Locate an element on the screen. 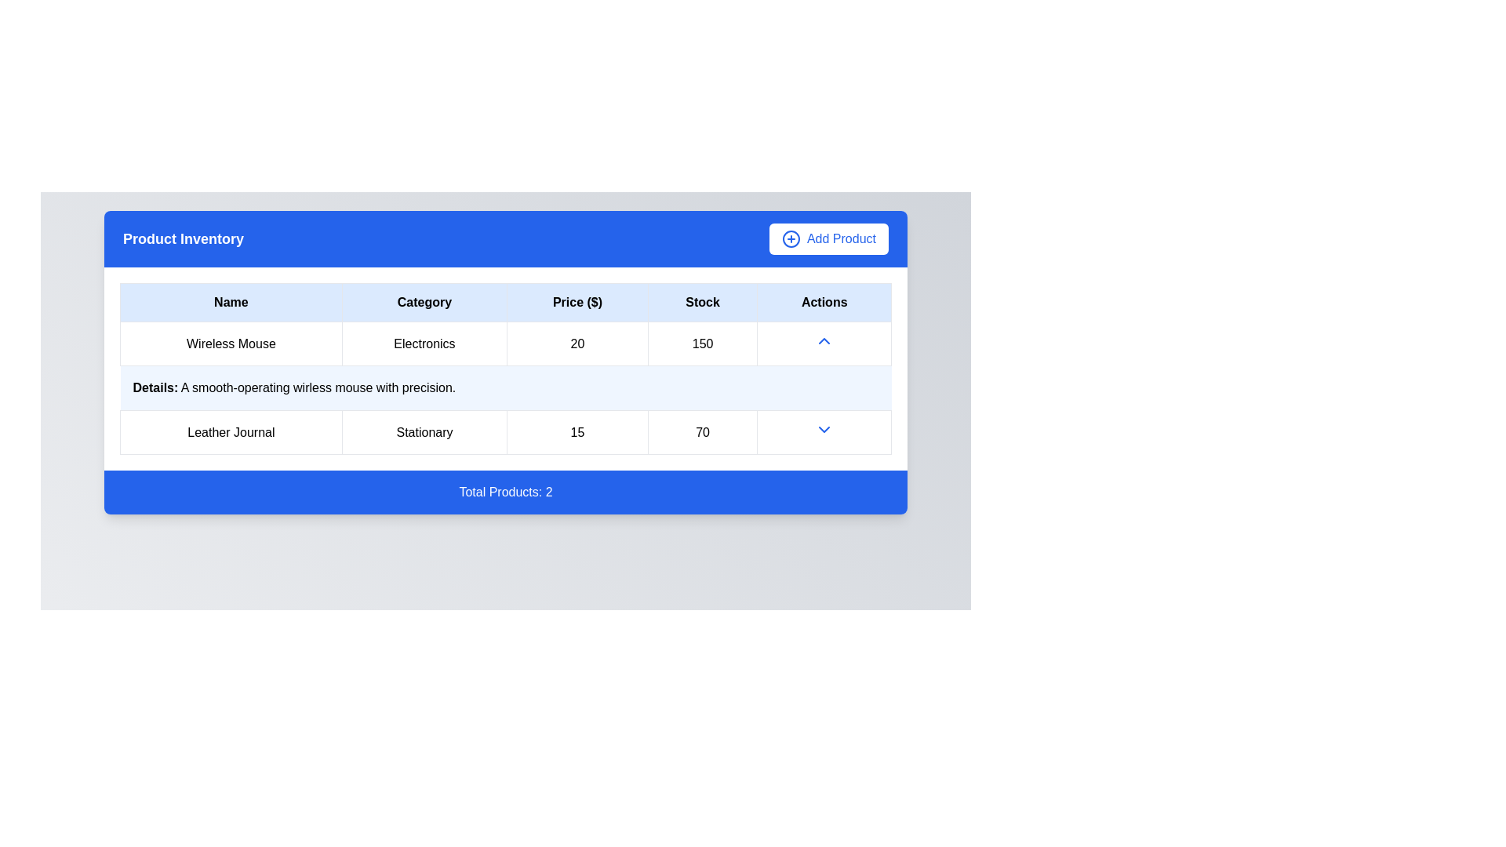 The height and width of the screenshot is (847, 1506). text displayed in the text block that shows 'Leather Journal' in the first cell of the second row under the 'Name' column is located at coordinates (230, 432).